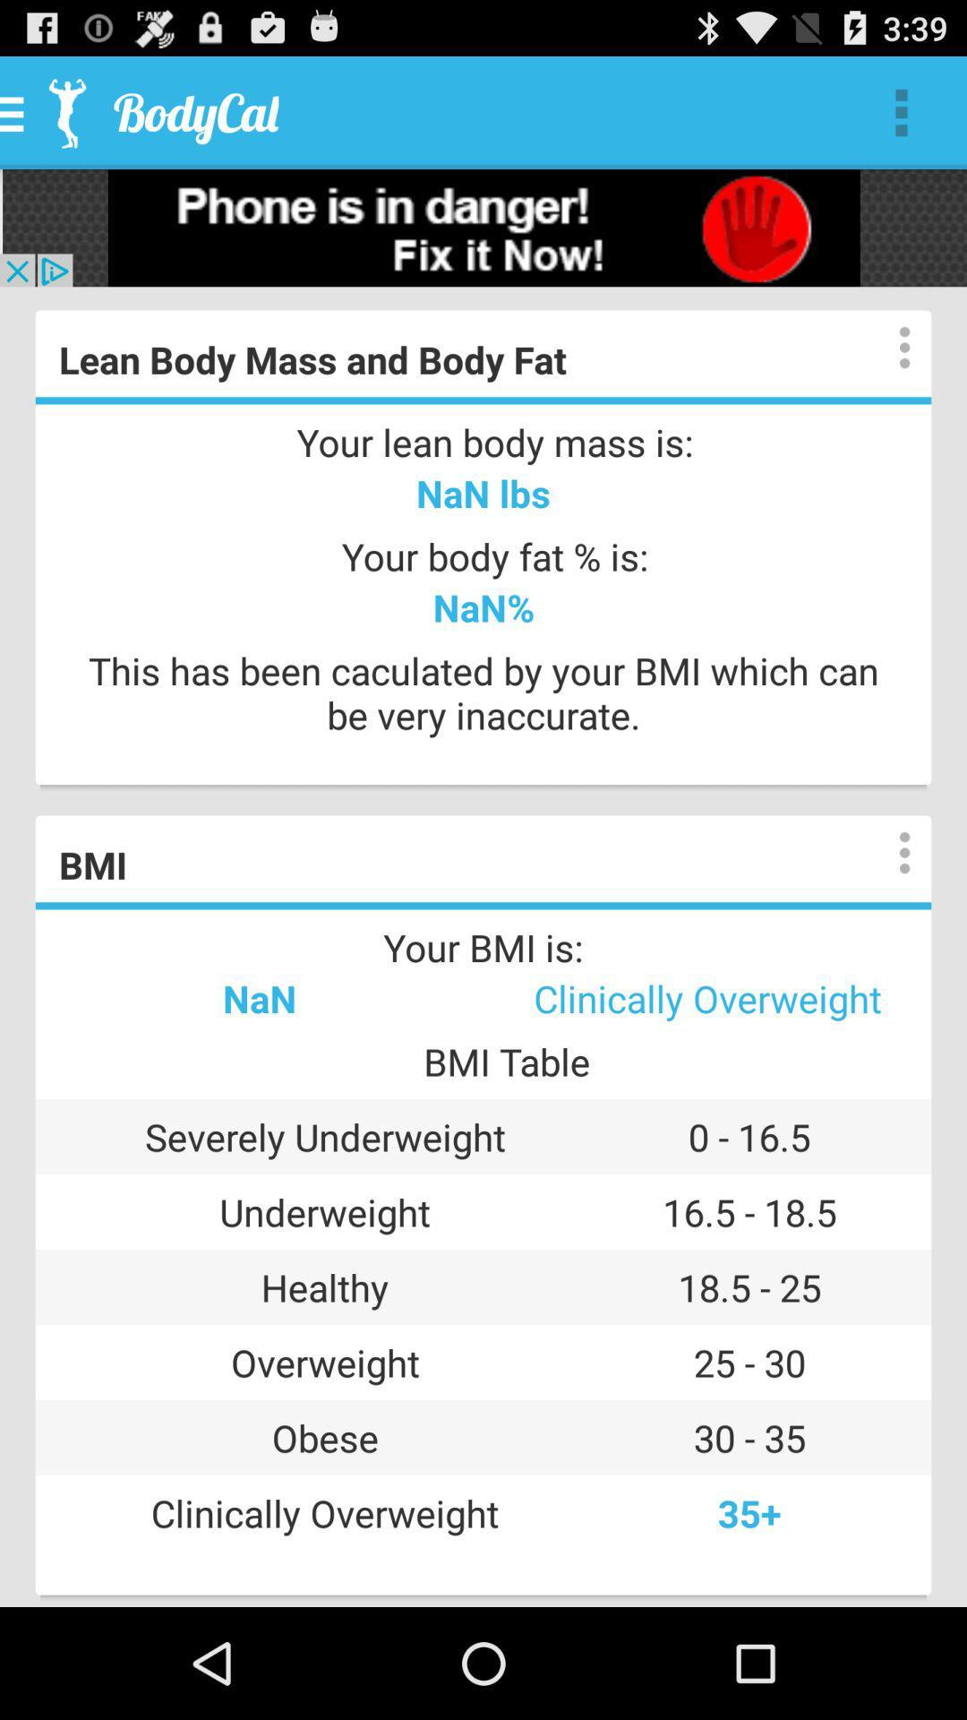  I want to click on search the option, so click(886, 852).